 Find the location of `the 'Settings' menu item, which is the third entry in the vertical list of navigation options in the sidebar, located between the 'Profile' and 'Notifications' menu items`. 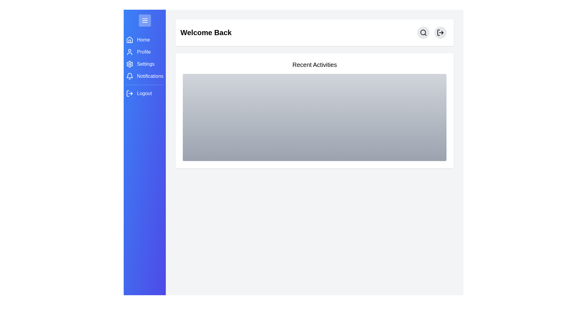

the 'Settings' menu item, which is the third entry in the vertical list of navigation options in the sidebar, located between the 'Profile' and 'Notifications' menu items is located at coordinates (144, 67).